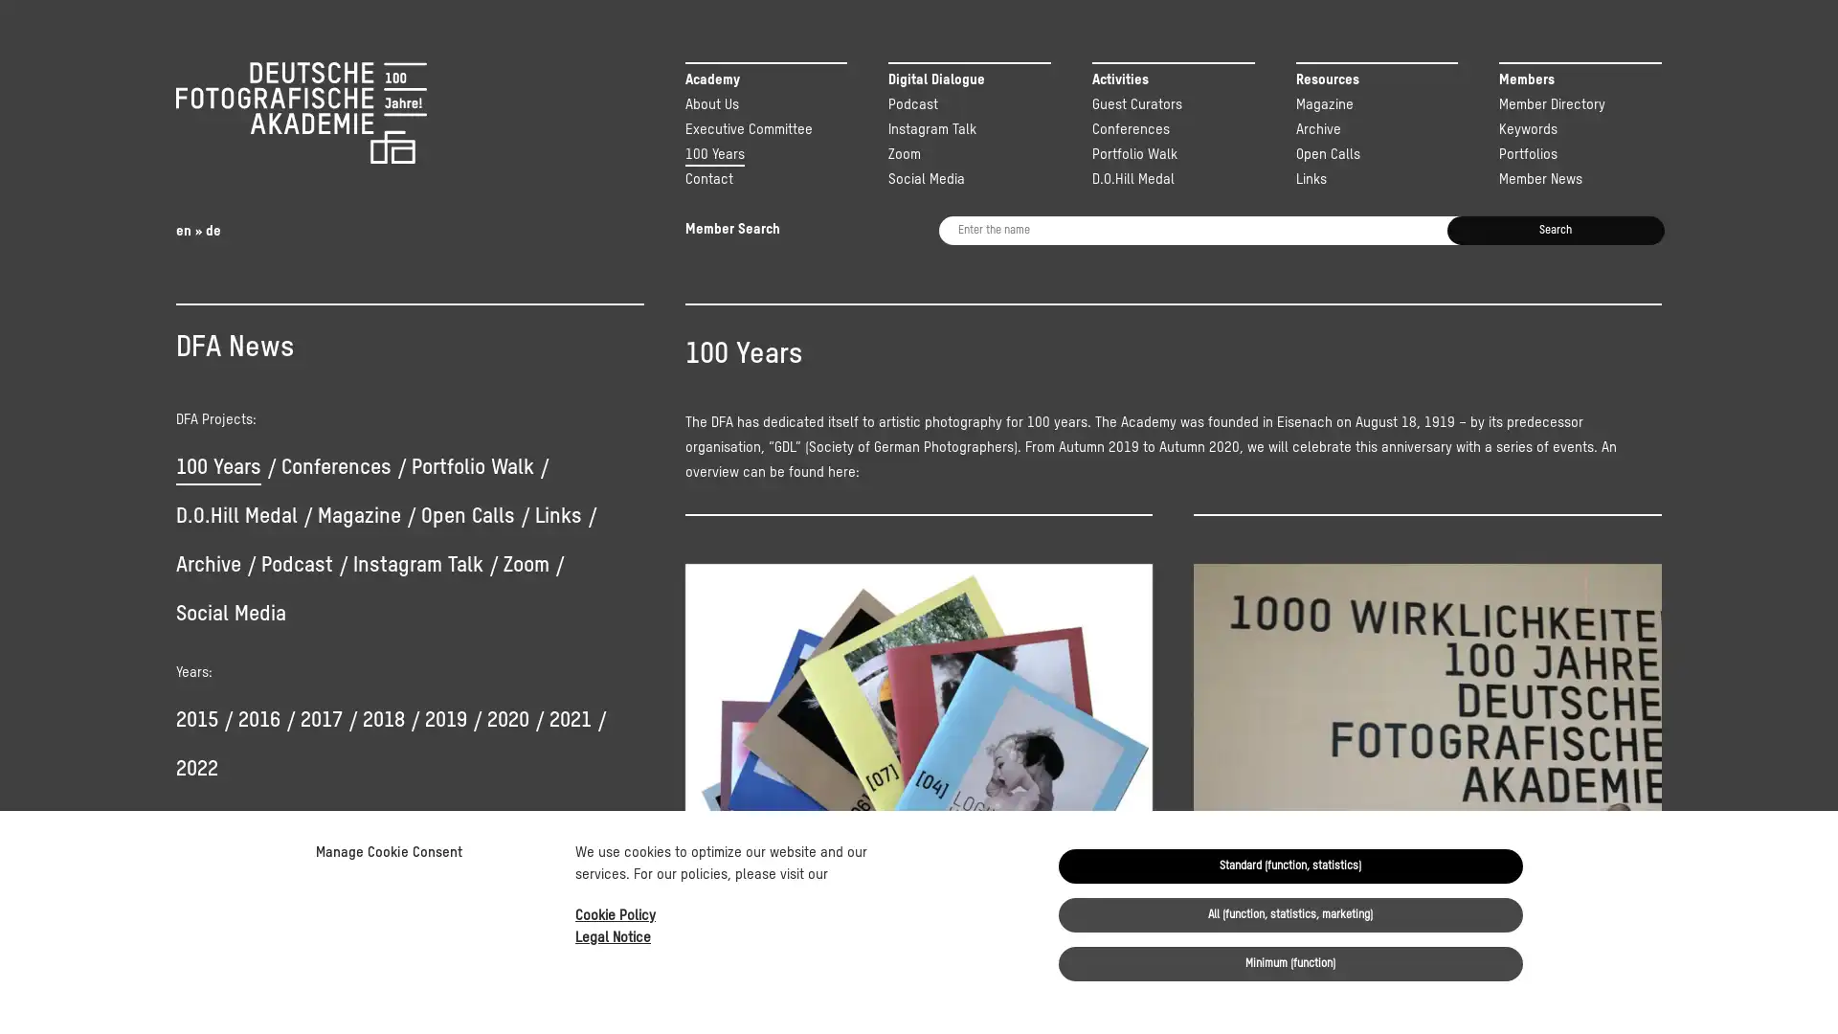 This screenshot has width=1838, height=1034. What do you see at coordinates (197, 720) in the screenshot?
I see `2015` at bounding box center [197, 720].